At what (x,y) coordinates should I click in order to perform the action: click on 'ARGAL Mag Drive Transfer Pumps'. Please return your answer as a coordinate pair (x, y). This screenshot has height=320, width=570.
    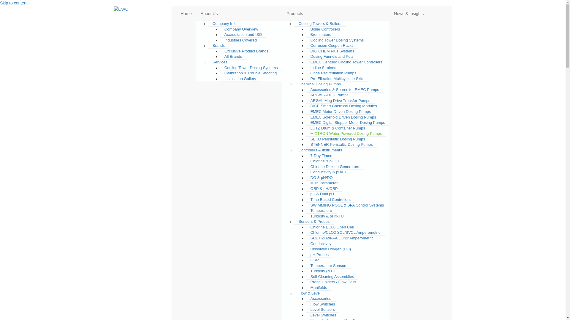
    Looking at the image, I should click on (341, 100).